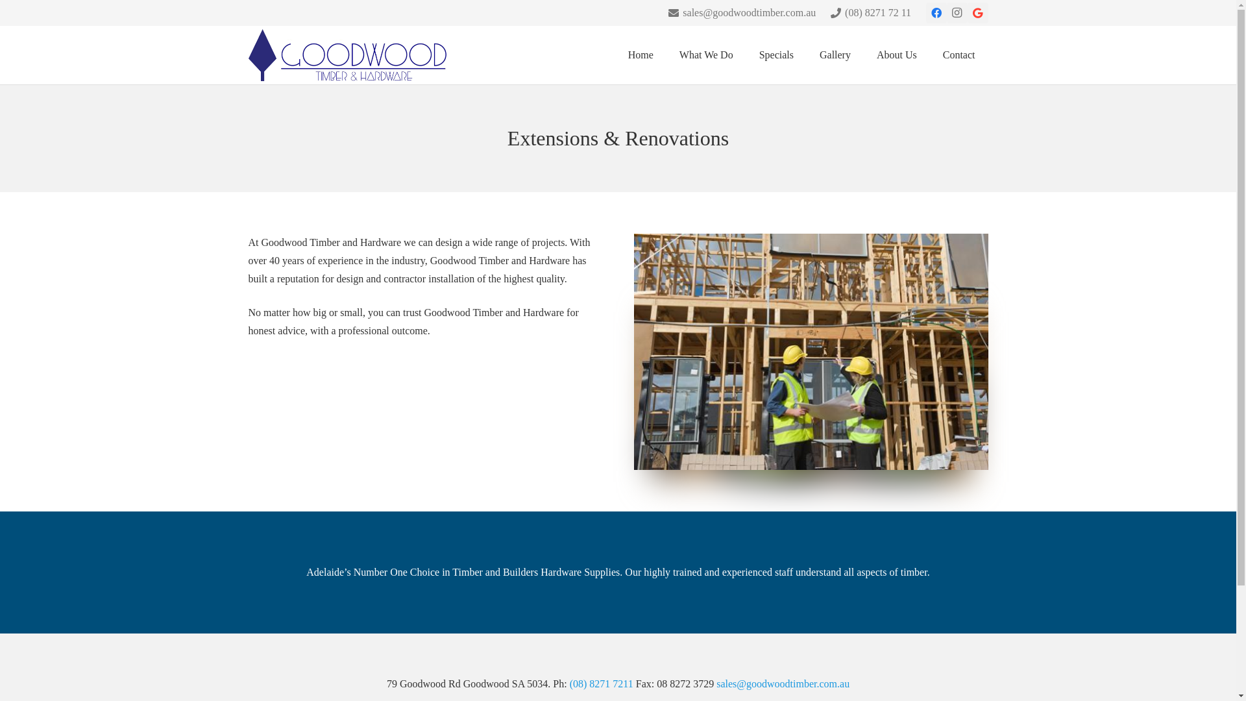 The width and height of the screenshot is (1246, 701). Describe the element at coordinates (776, 54) in the screenshot. I see `'Specials'` at that location.